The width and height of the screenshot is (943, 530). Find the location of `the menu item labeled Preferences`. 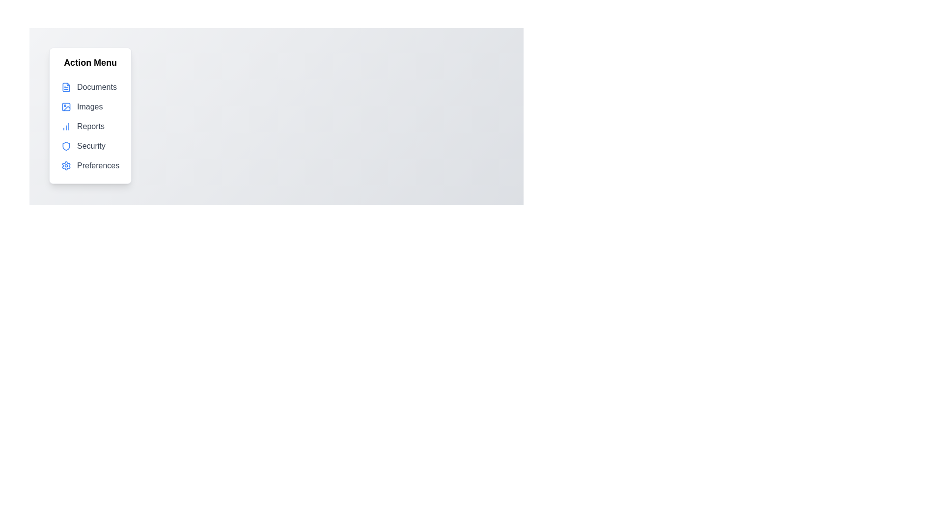

the menu item labeled Preferences is located at coordinates (90, 165).